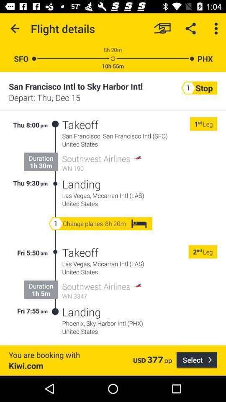 This screenshot has width=226, height=402. What do you see at coordinates (55, 154) in the screenshot?
I see `icon to the left of the takeoff item` at bounding box center [55, 154].